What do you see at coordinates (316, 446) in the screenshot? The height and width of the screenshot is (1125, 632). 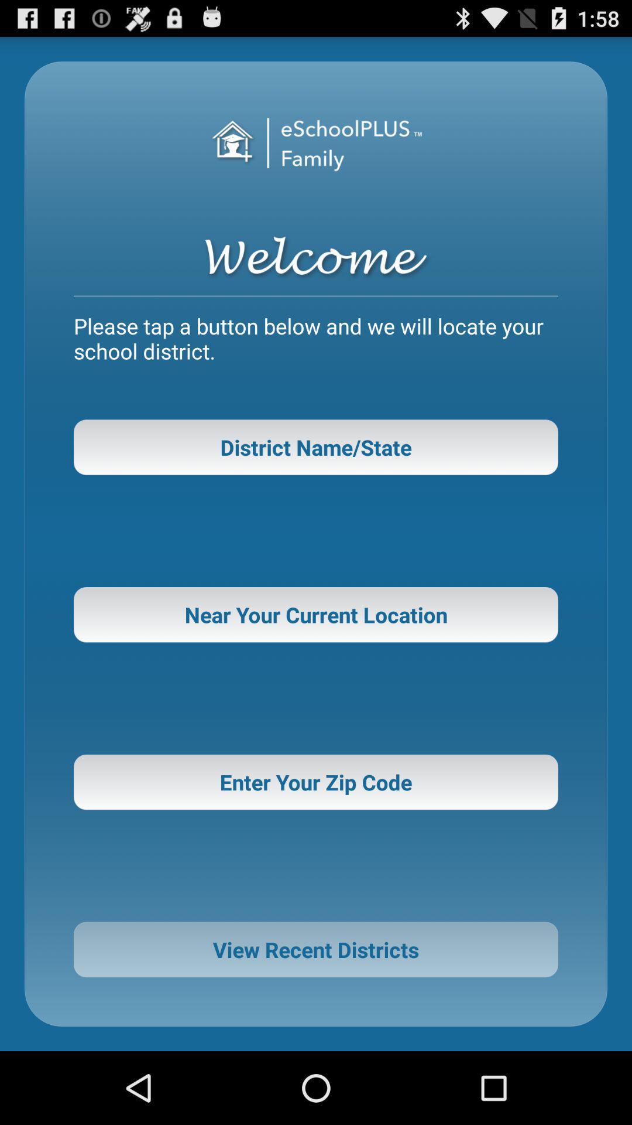 I see `district name/state item` at bounding box center [316, 446].